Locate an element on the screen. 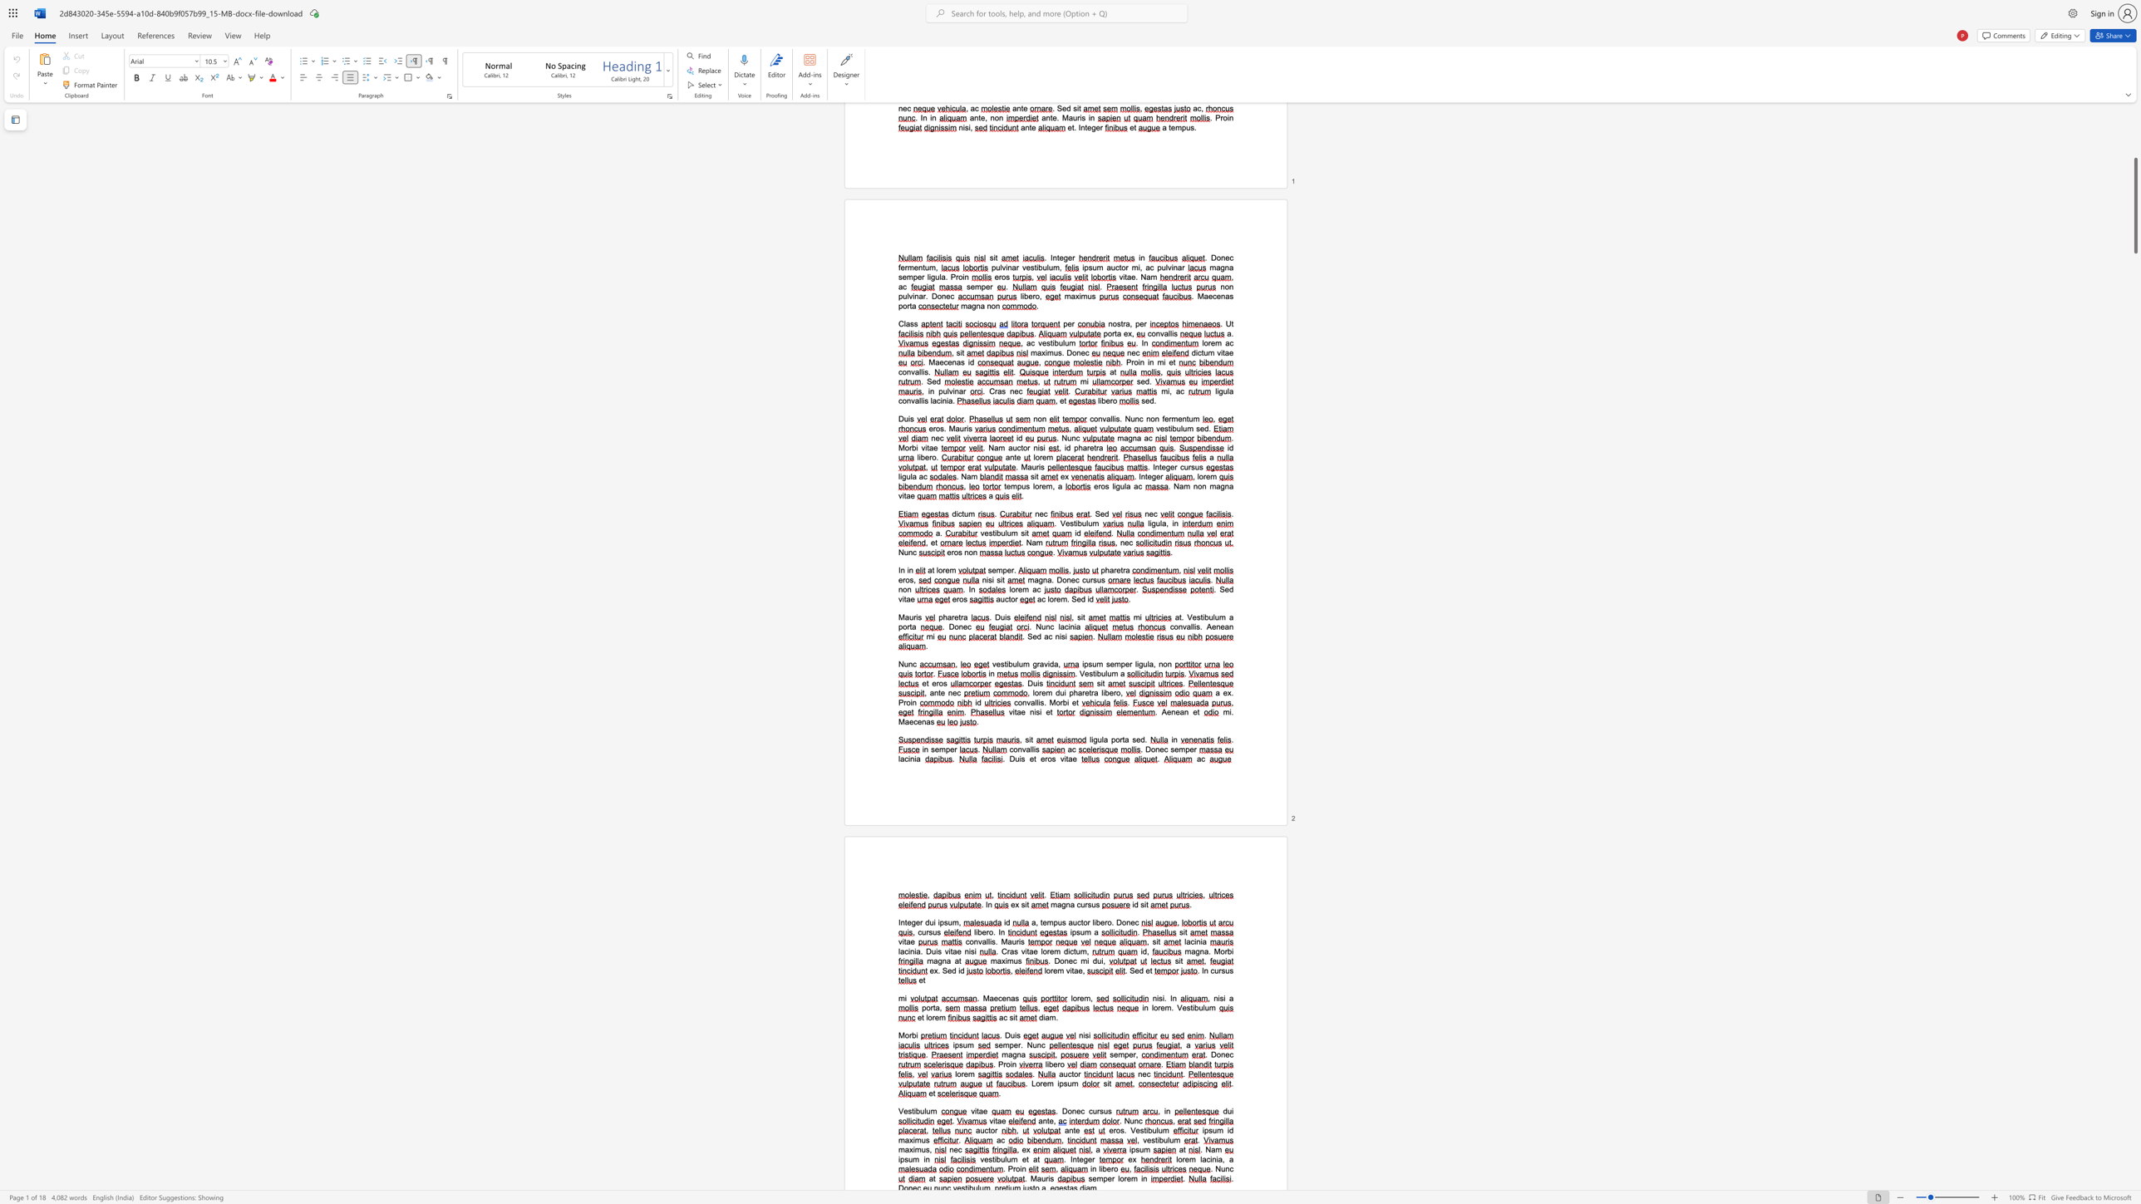 The height and width of the screenshot is (1204, 2141). the 1th character "n" in the text is located at coordinates (1009, 998).